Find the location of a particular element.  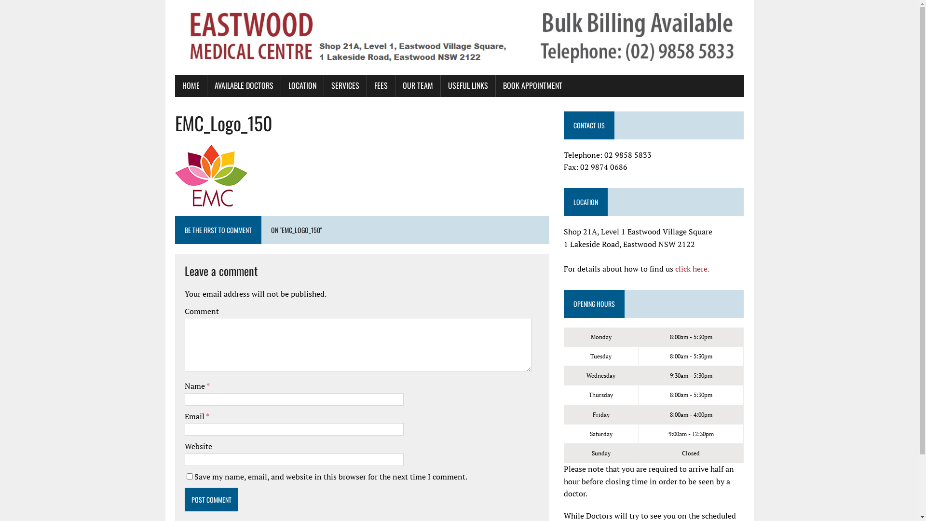

'USEFUL LINKS' is located at coordinates (468, 85).